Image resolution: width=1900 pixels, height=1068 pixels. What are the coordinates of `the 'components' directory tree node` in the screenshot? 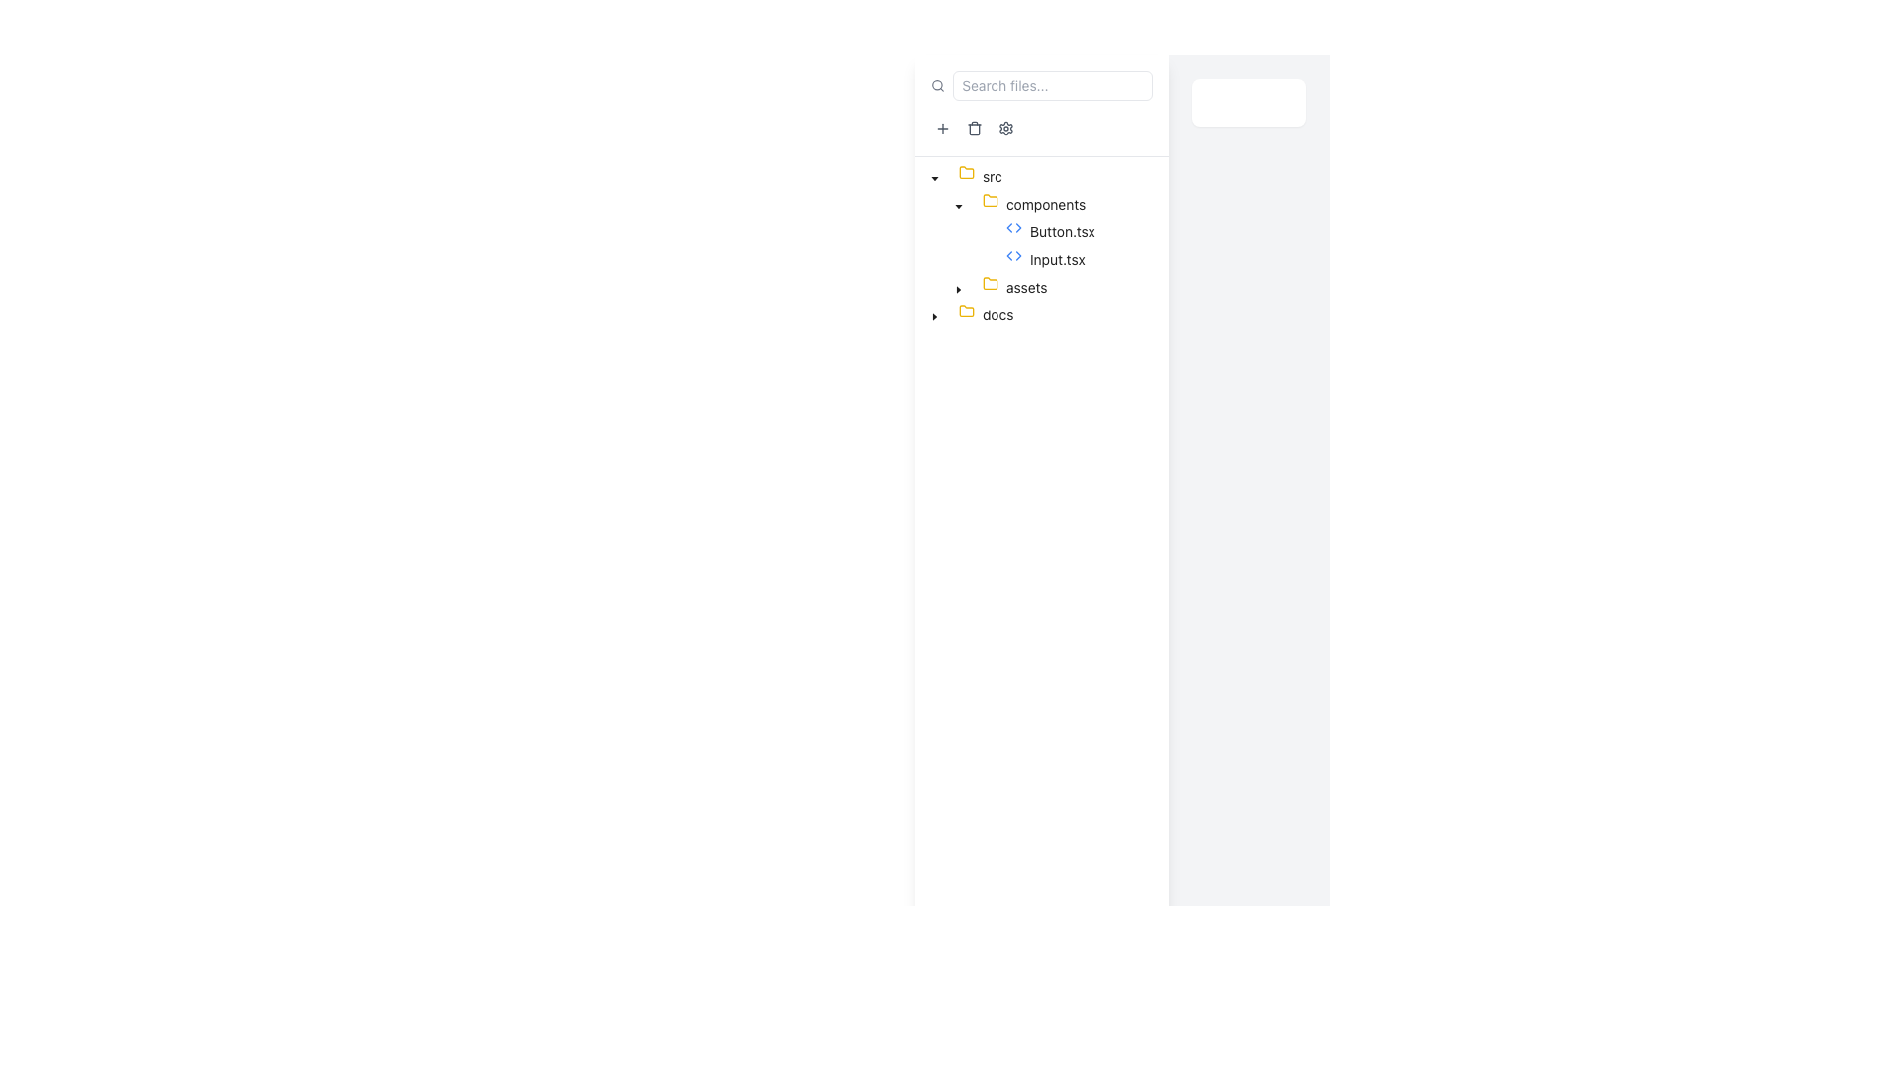 It's located at (1008, 205).